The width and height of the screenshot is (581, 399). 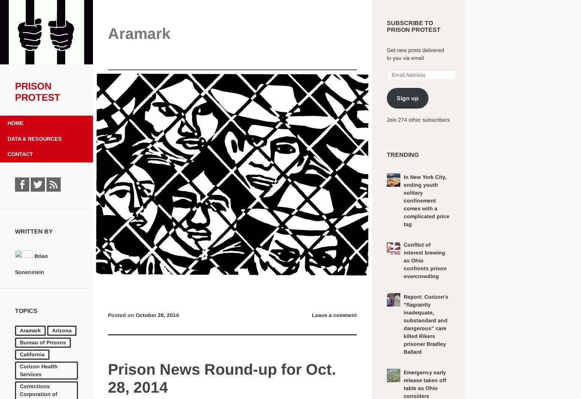 What do you see at coordinates (407, 97) in the screenshot?
I see `'Sign up'` at bounding box center [407, 97].